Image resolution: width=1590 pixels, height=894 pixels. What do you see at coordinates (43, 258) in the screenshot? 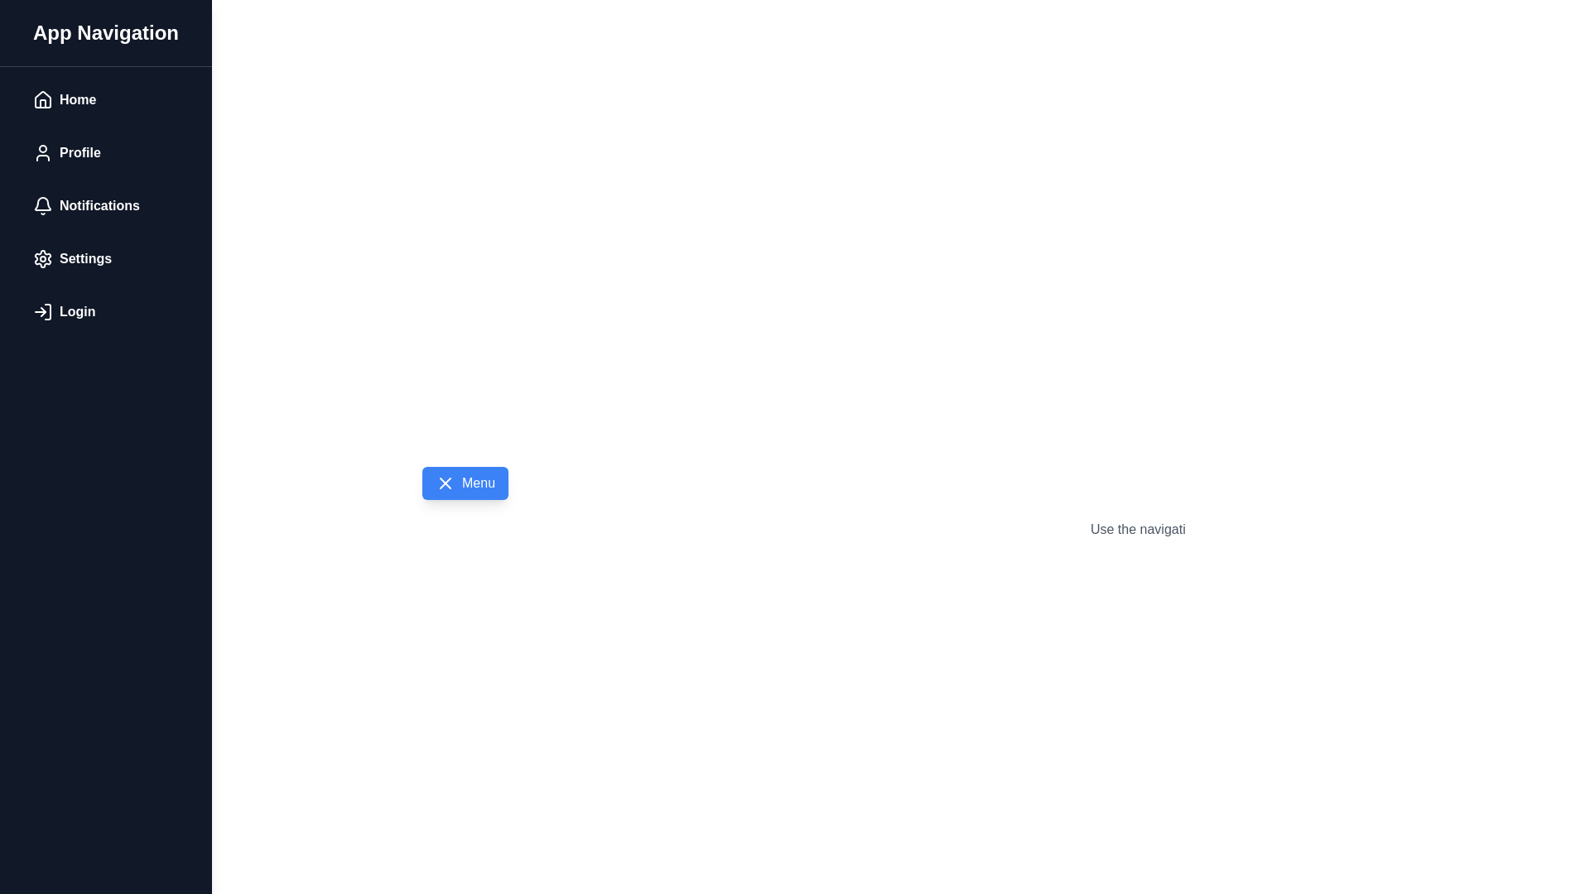
I see `the circular settings icon with a gear design, located to the left of the 'Settings' label, to see settings options` at bounding box center [43, 258].